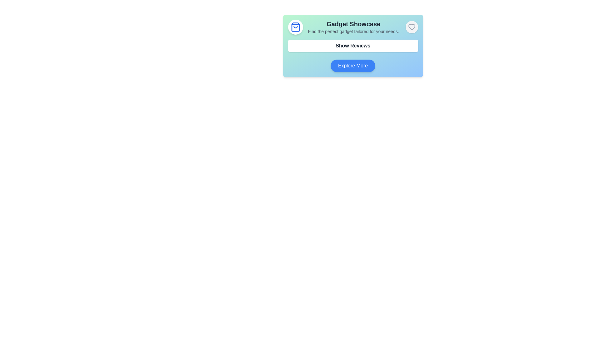 The image size is (600, 337). What do you see at coordinates (353, 27) in the screenshot?
I see `the Header block that displays the section title and subtitle, located at the top center of the interface above the 'Show Reviews' button` at bounding box center [353, 27].